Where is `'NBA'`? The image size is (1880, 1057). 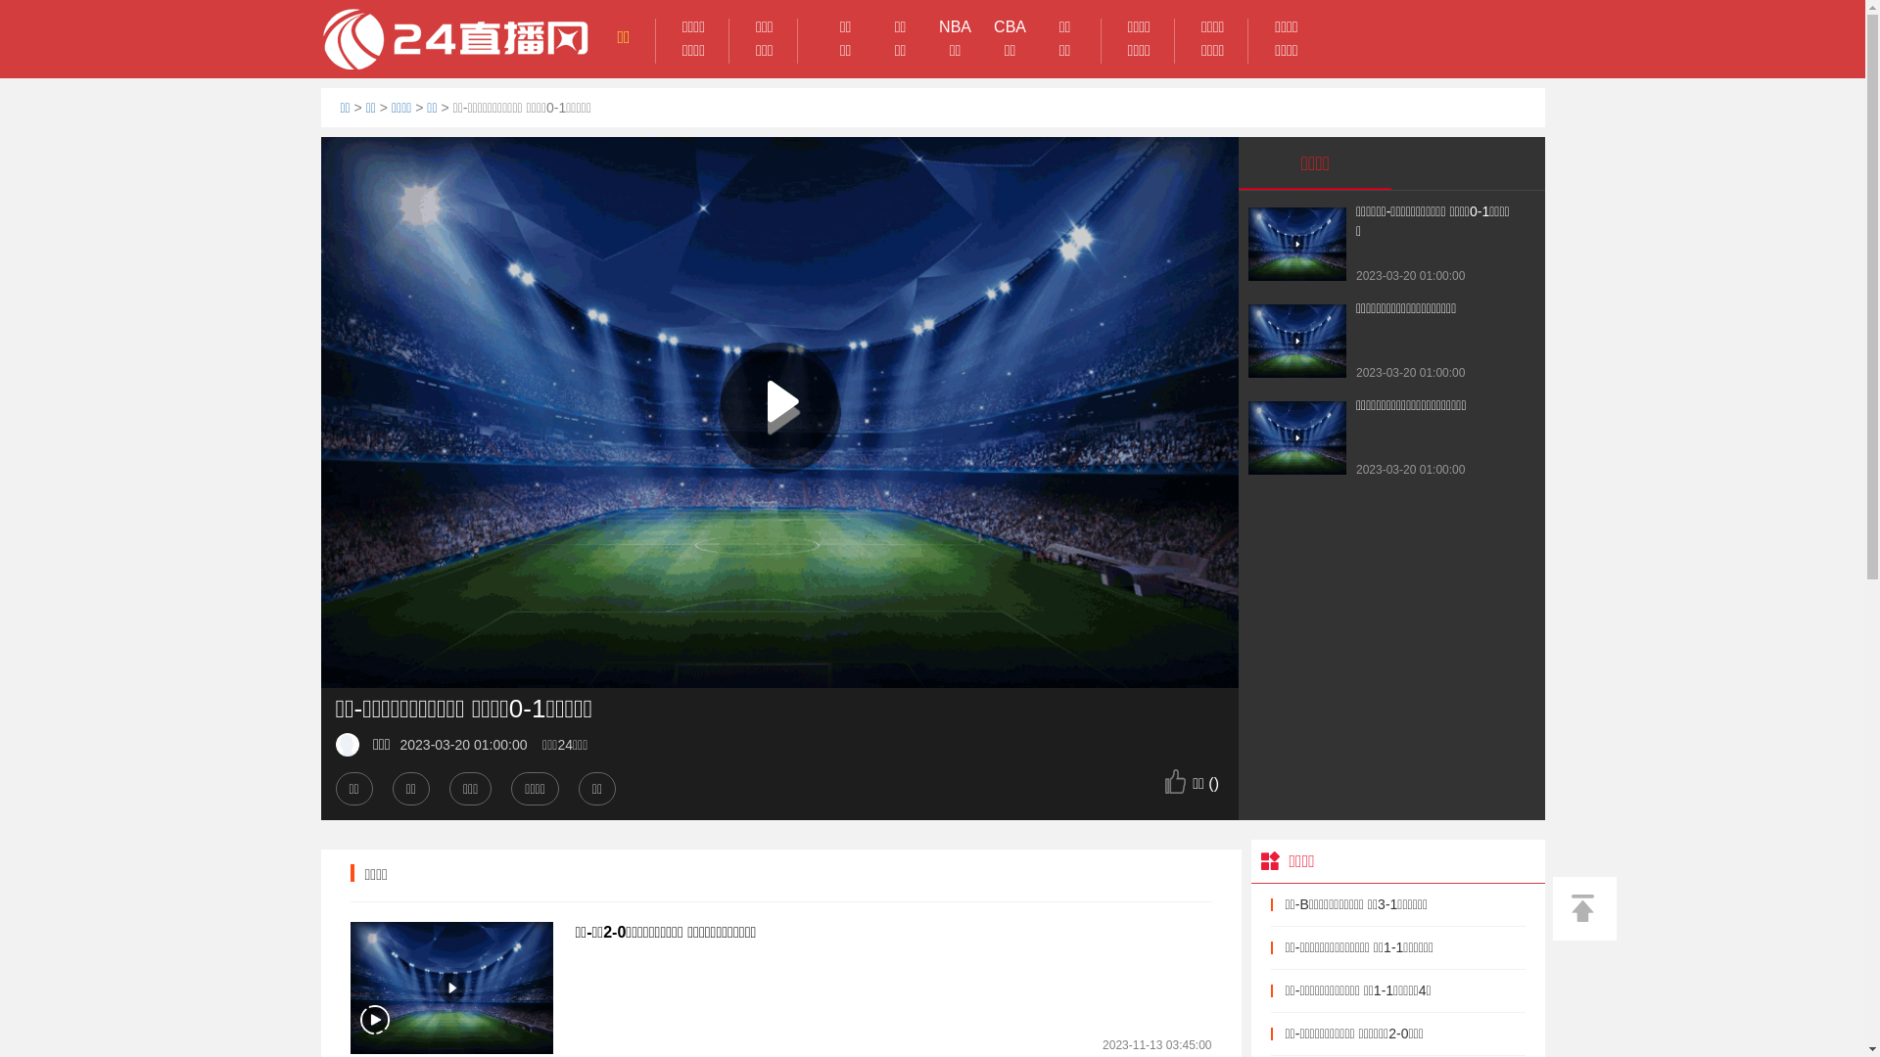
'NBA' is located at coordinates (927, 26).